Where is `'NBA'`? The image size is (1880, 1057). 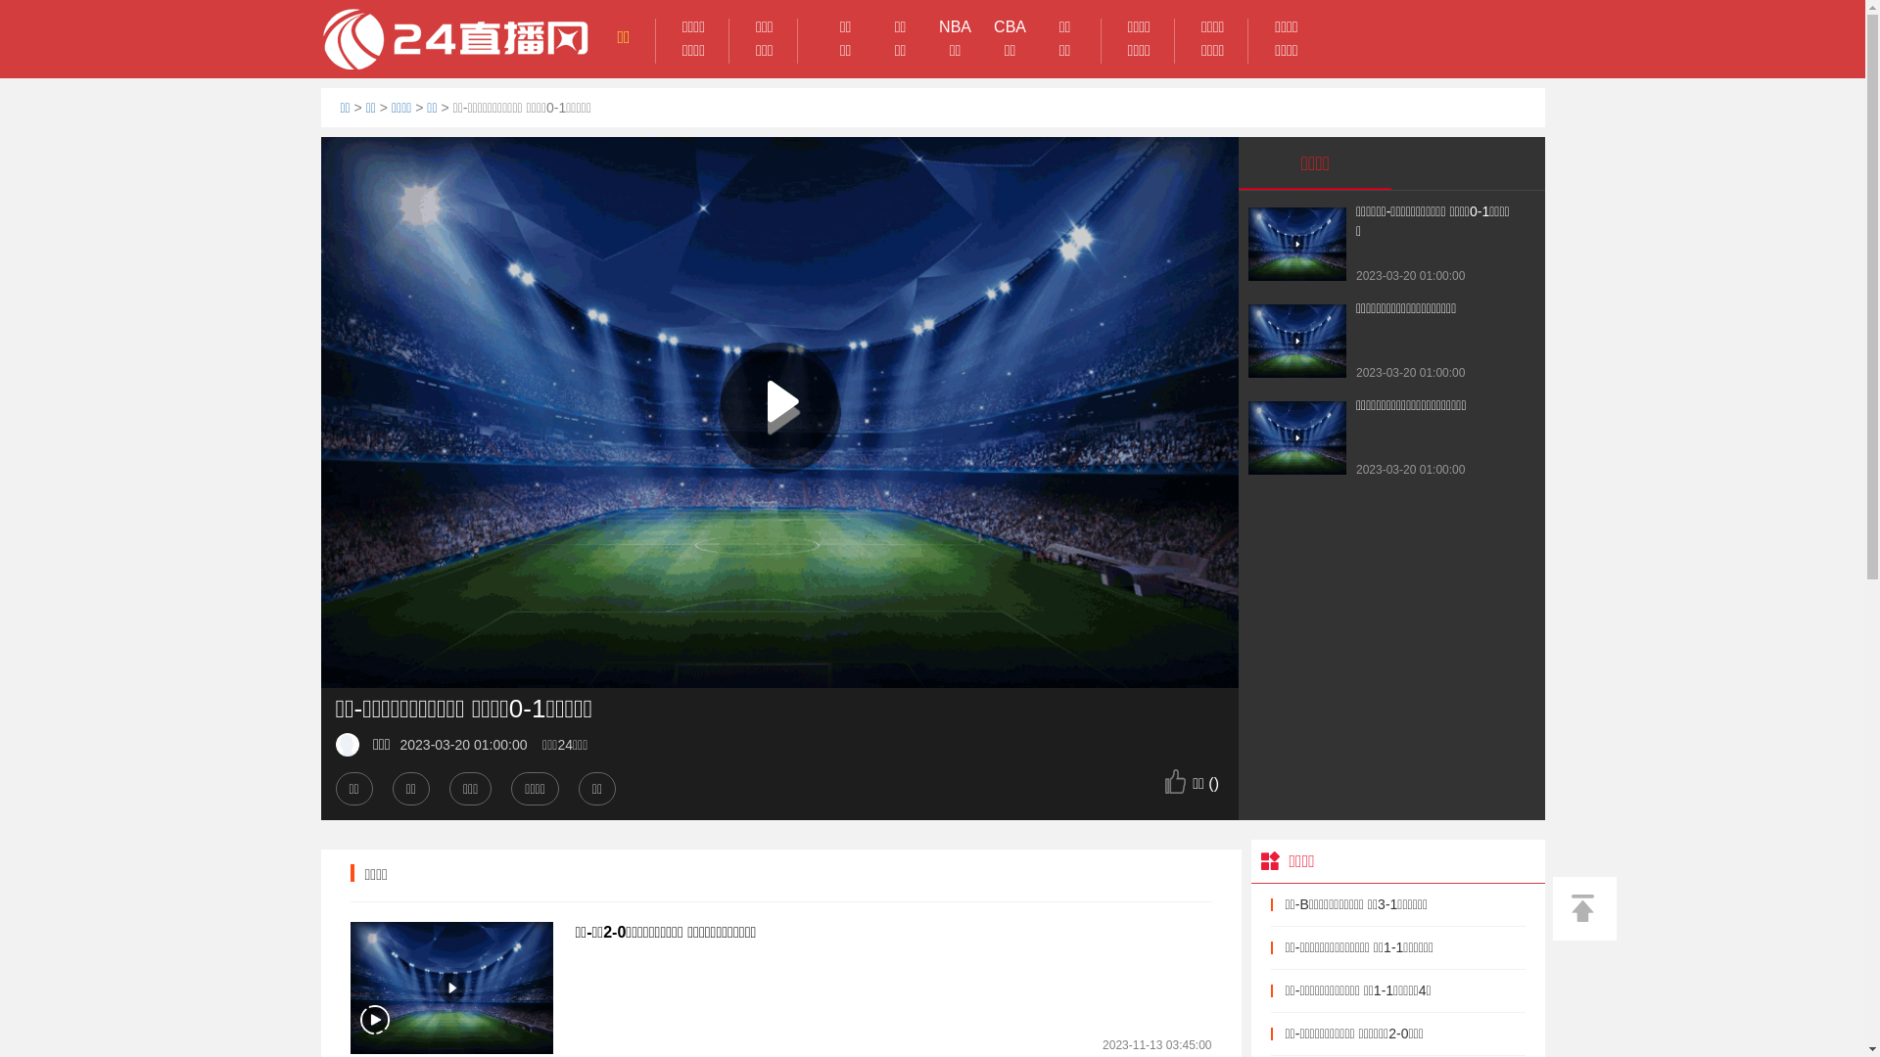
'NBA' is located at coordinates (927, 26).